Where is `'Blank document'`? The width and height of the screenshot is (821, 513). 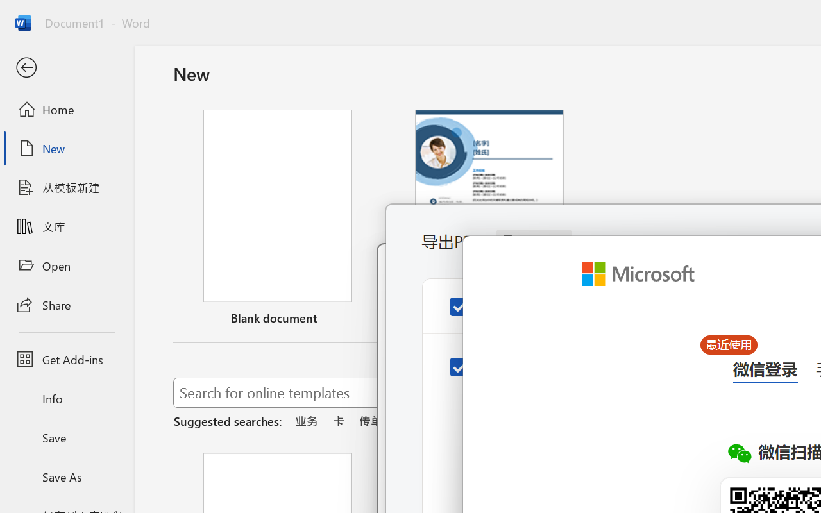 'Blank document' is located at coordinates (277, 220).